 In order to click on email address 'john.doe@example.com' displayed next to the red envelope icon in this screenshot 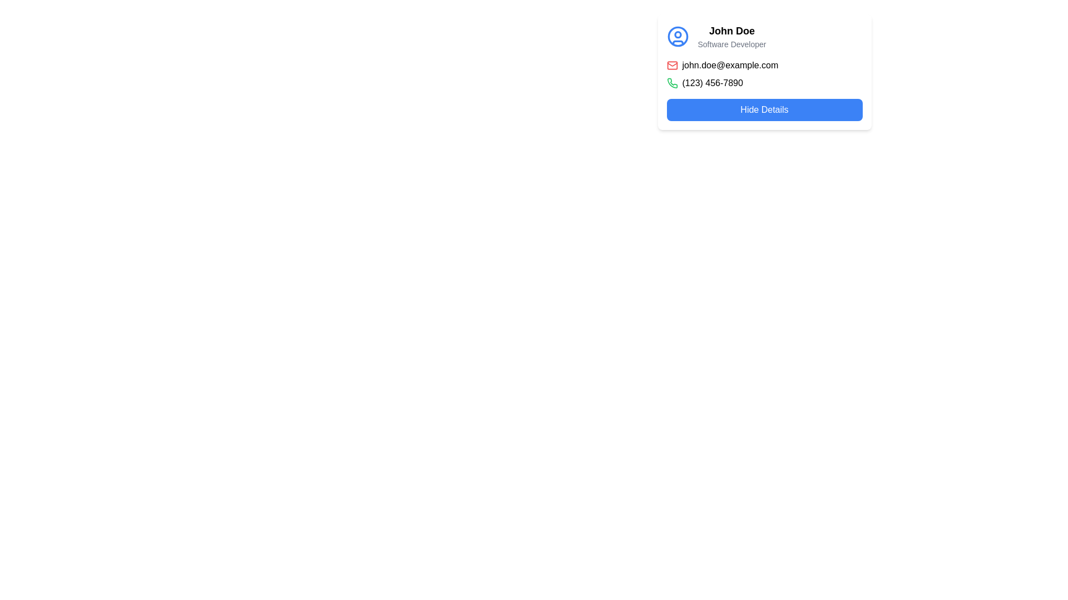, I will do `click(764, 66)`.